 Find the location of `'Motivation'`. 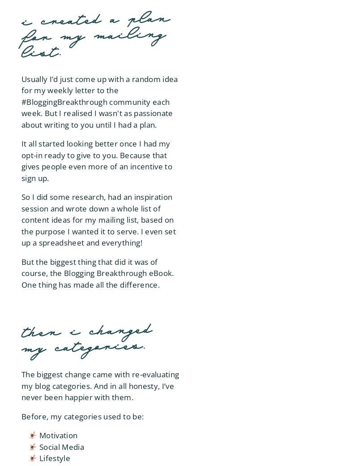

'Motivation' is located at coordinates (58, 435).